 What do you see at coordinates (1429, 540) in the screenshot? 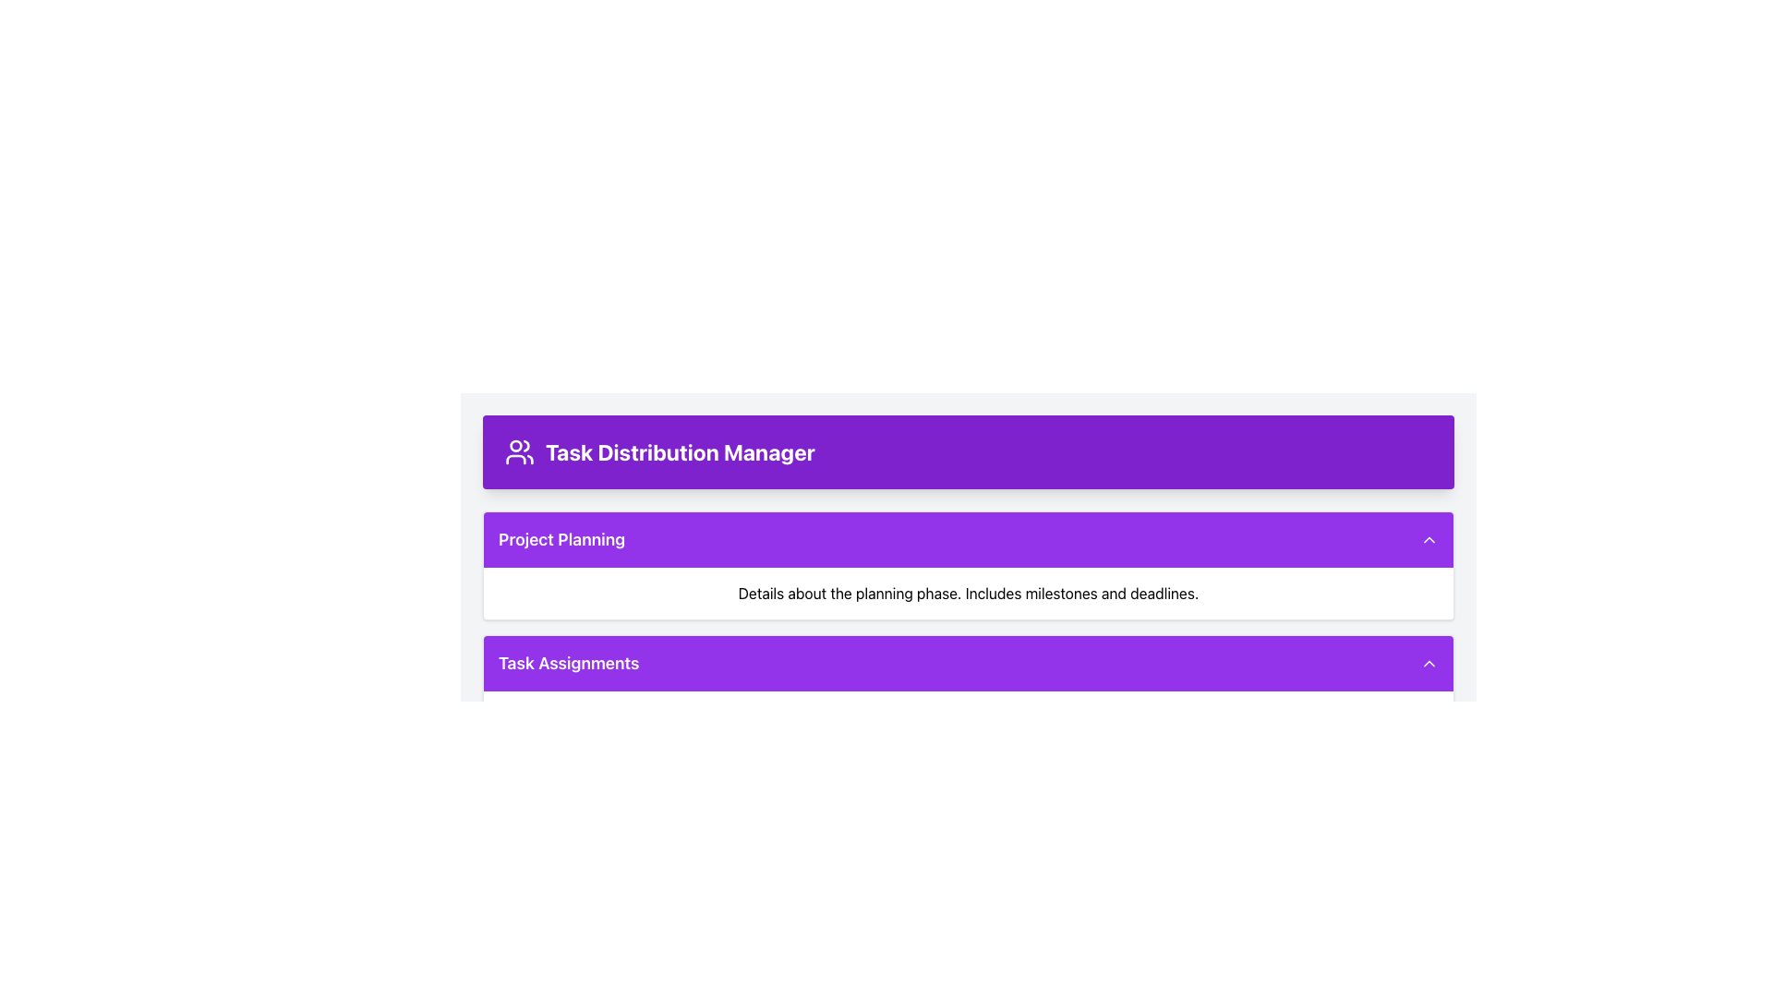
I see `the upward-pointing chevron icon located in the upper-right corner of the purple 'Project Planning' section` at bounding box center [1429, 540].